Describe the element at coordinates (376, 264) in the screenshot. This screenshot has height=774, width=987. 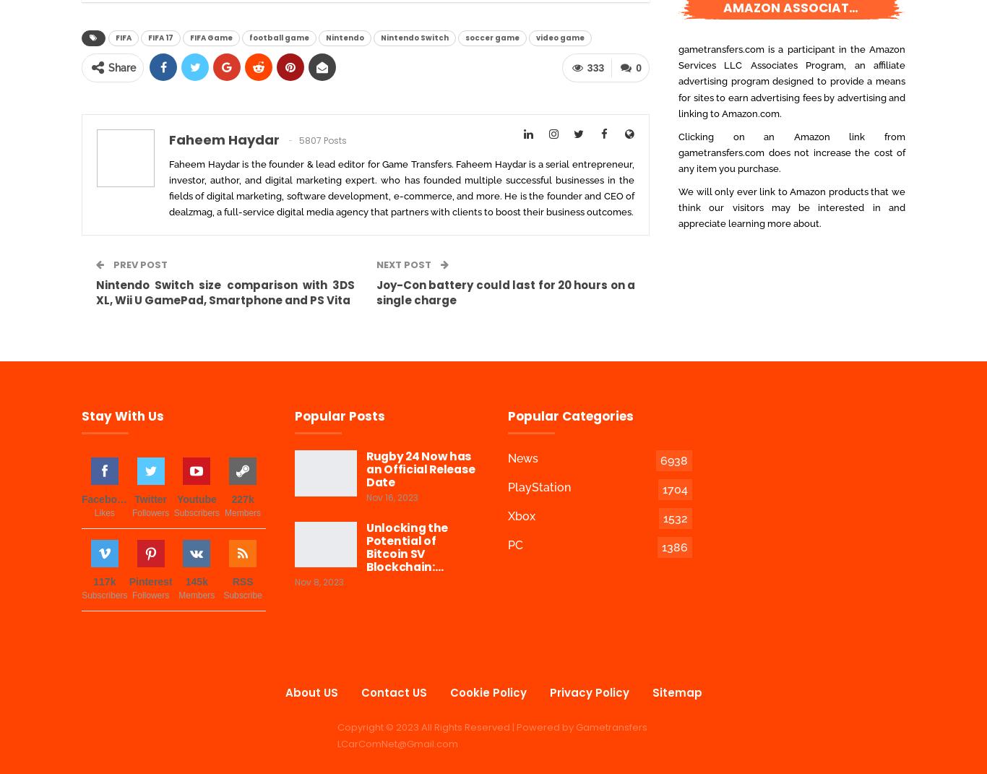
I see `'Next Post'` at that location.